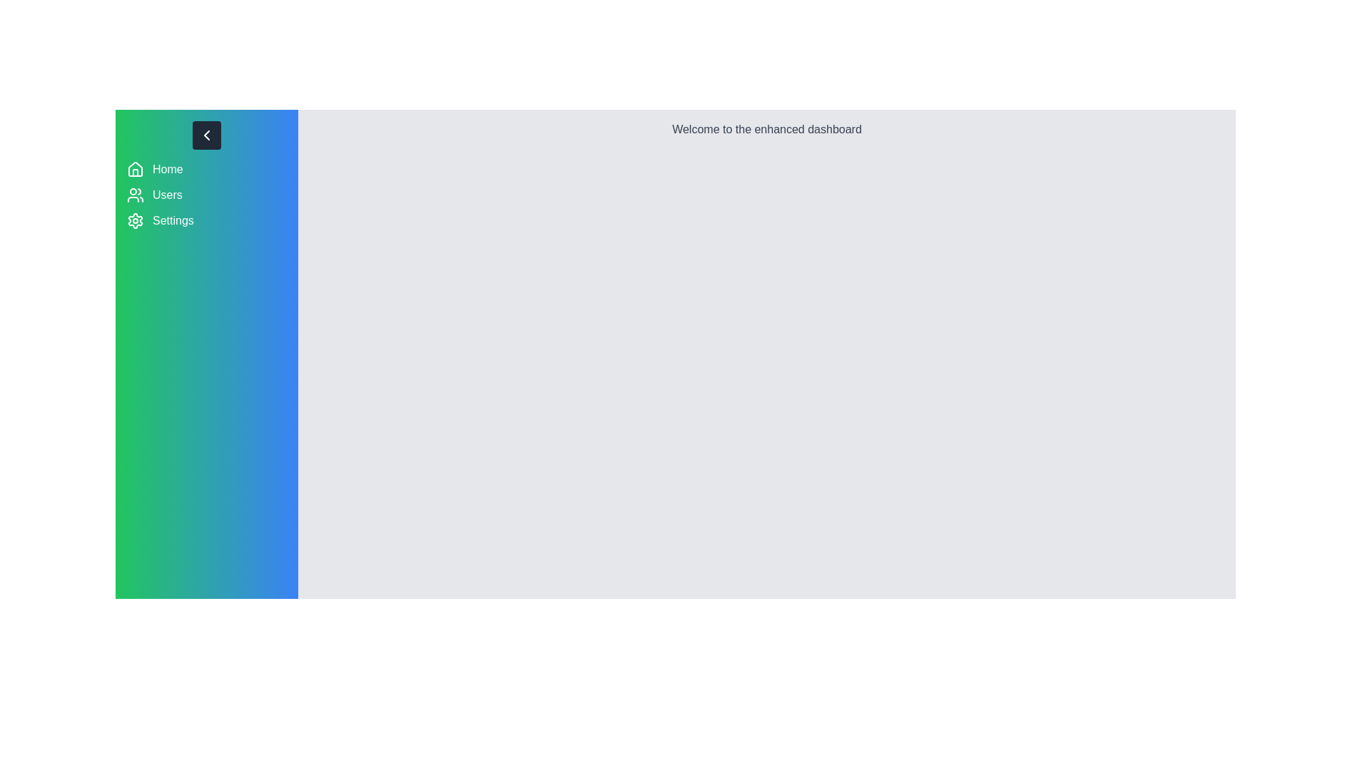  I want to click on the text 'Welcome to the enhanced dashboard' in the main content area, so click(766, 129).